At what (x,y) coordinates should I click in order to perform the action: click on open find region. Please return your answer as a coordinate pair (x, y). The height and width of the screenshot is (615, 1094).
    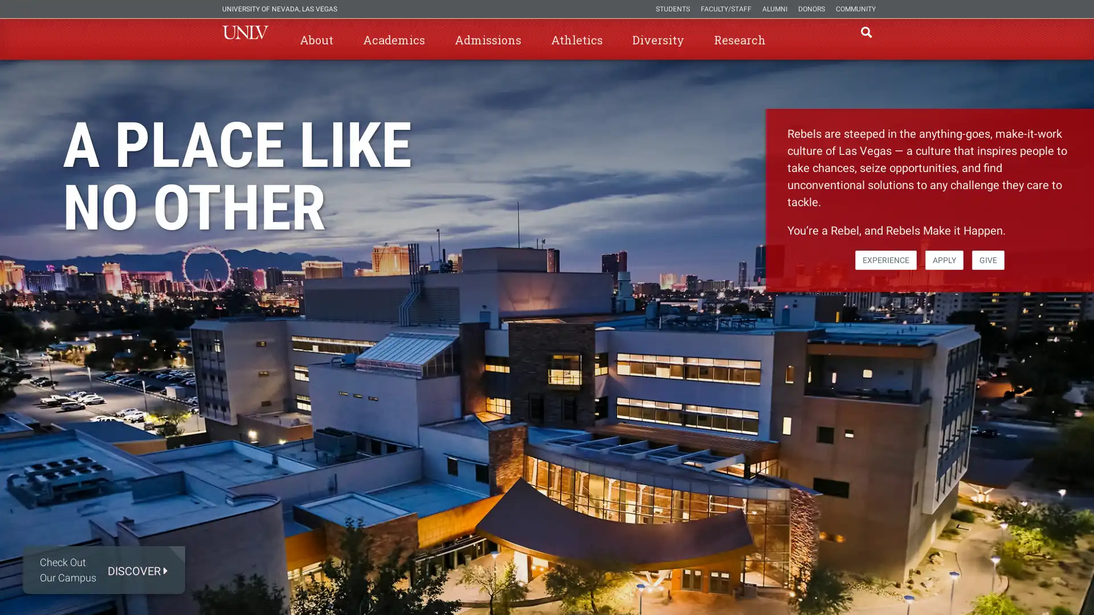
    Looking at the image, I should click on (859, 39).